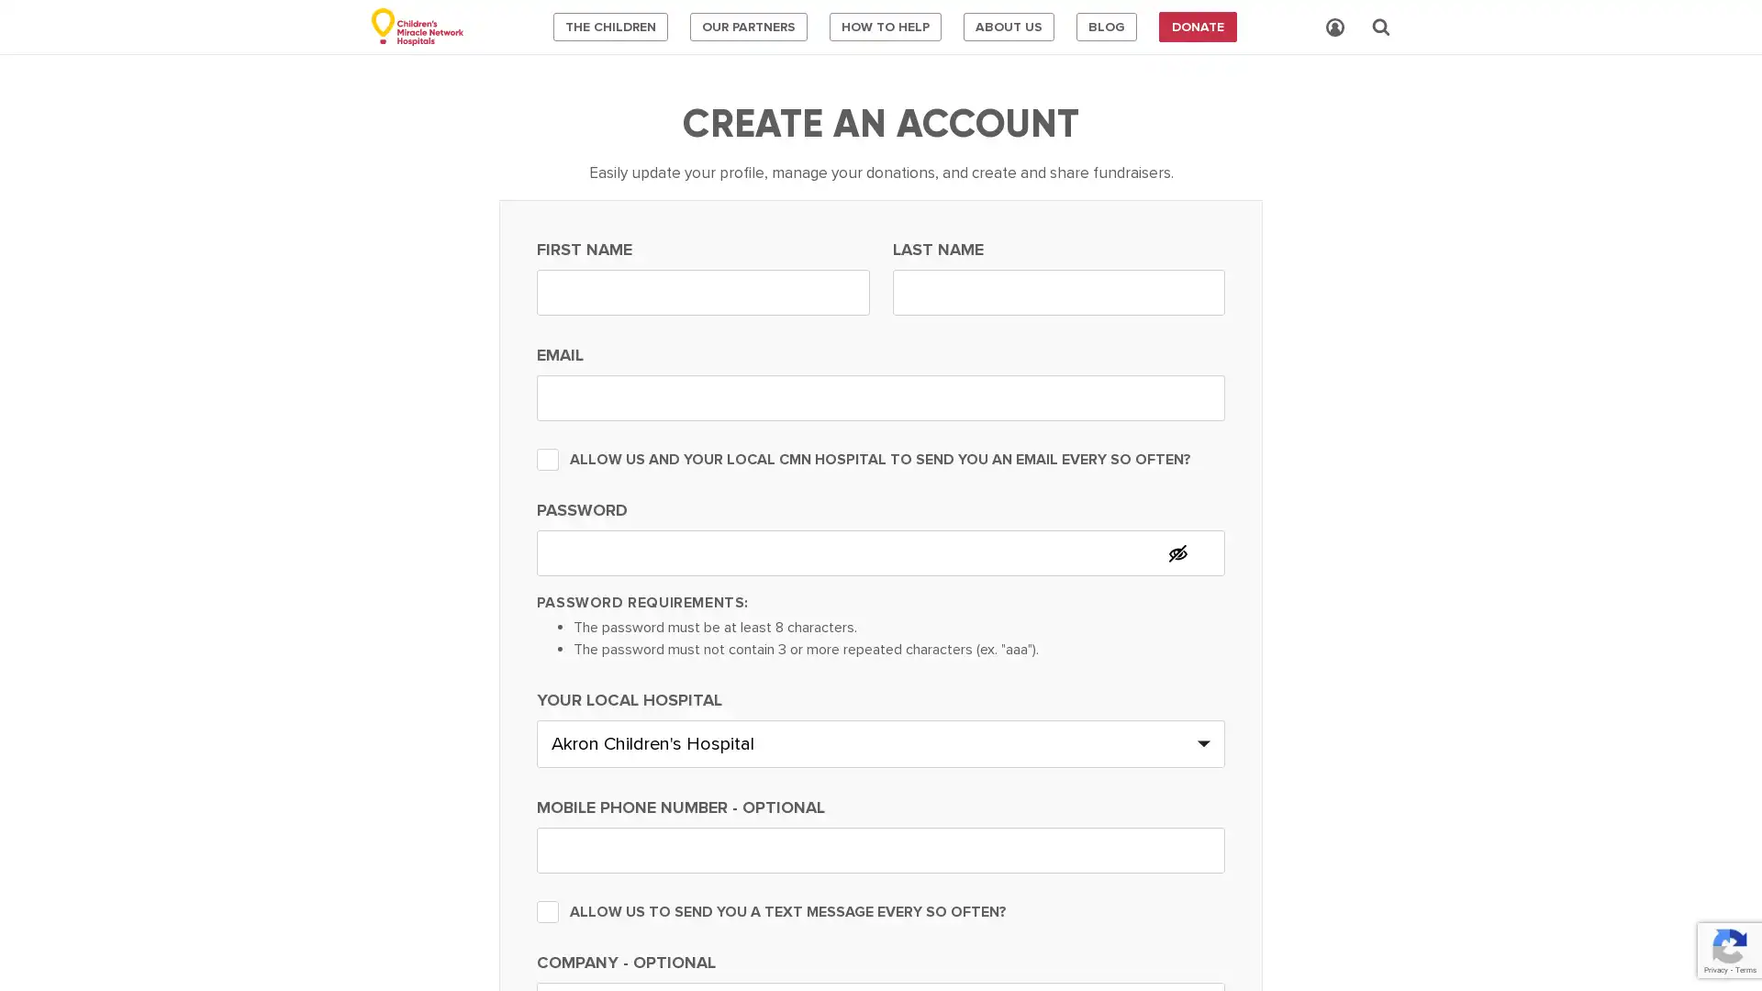 The width and height of the screenshot is (1762, 991). What do you see at coordinates (1334, 28) in the screenshot?
I see `Account Login` at bounding box center [1334, 28].